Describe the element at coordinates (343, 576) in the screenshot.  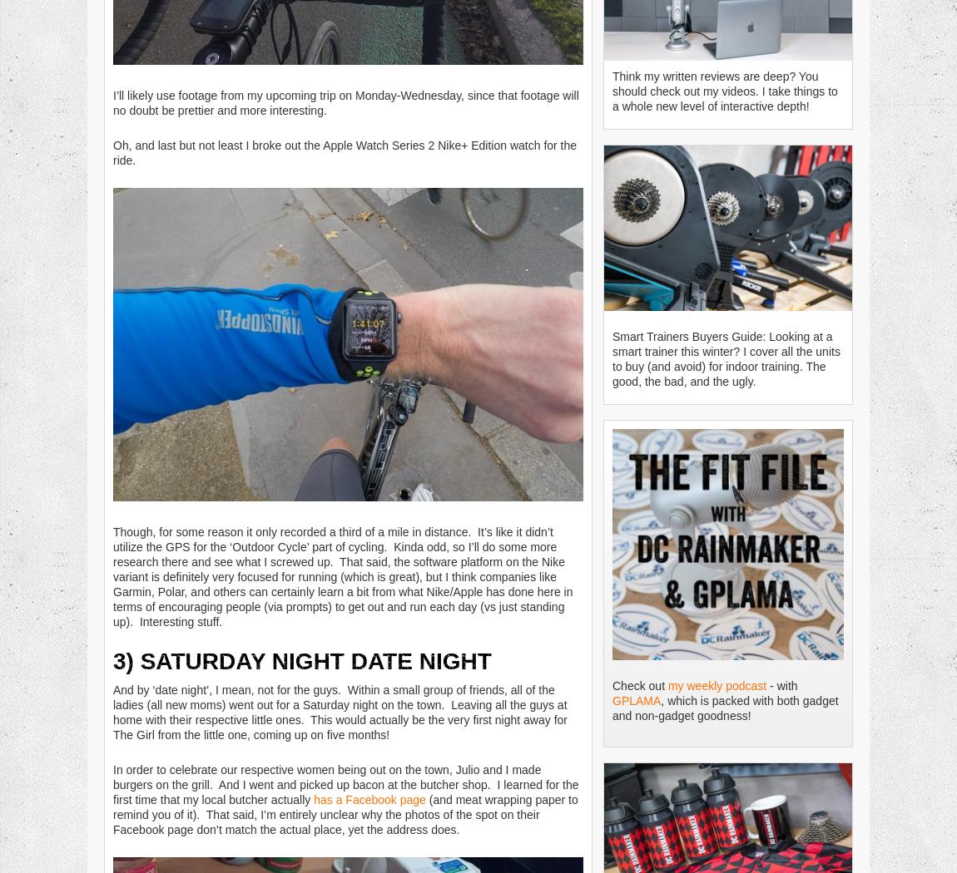
I see `'Though, for some reason it only recorded a third of a mile in distance.  It’s like it didn’t utilize the GPS for the ‘Outdoor Cycle’ part of cycling.  Kinda odd, so I’ll do some more research there and see what I screwed up.  That said, the software platform on the Nike variant is definitely very focused for running (which is great), but I think companies like Garmin, Polar, and others can certainly learn a bit from what Nike/Apple has done here in terms of encouraging people (via prompts) to get out and run each day (vs just standing up).  Interesting stuff.'` at that location.